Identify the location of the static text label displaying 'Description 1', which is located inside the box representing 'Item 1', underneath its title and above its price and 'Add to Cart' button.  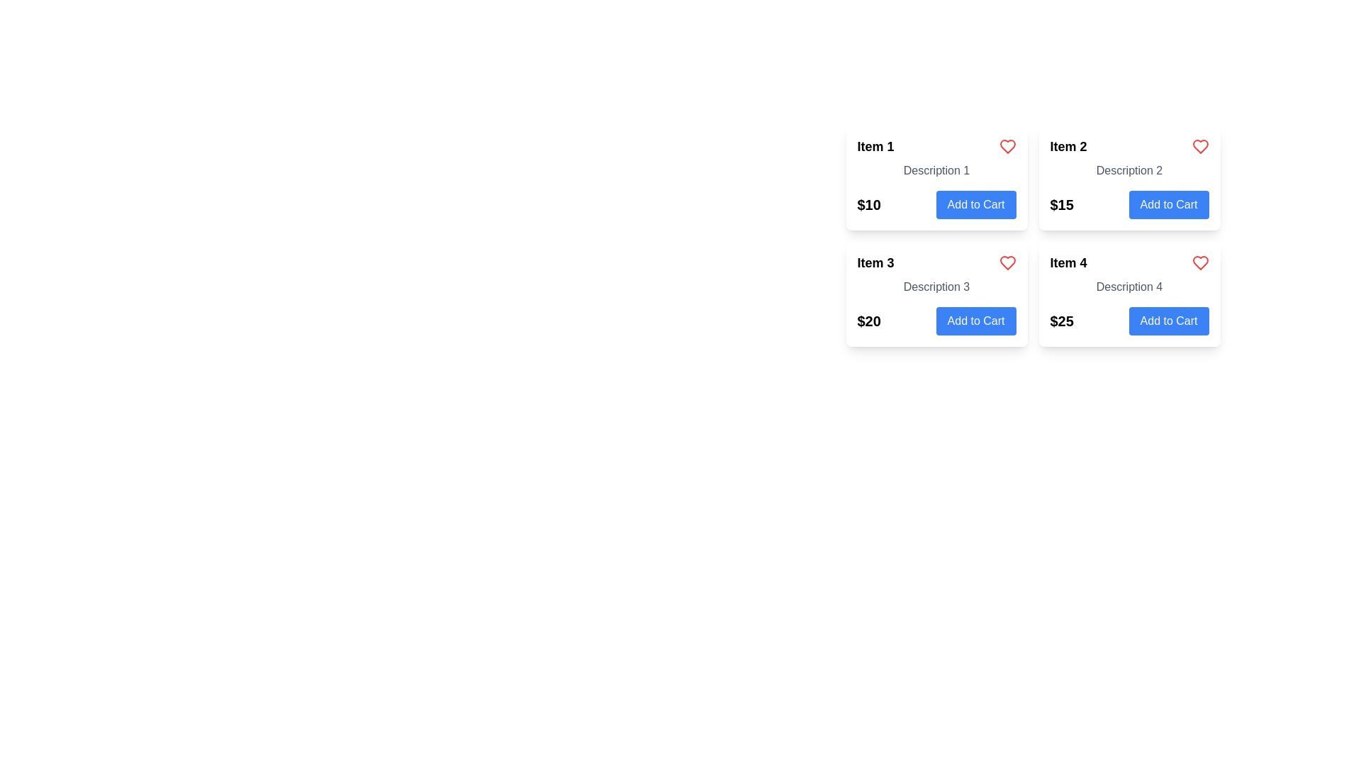
(936, 170).